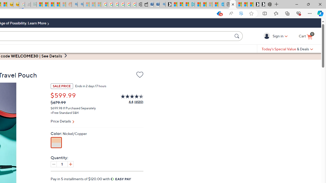 Image resolution: width=326 pixels, height=183 pixels. I want to click on 'You have the best price!', so click(219, 13).